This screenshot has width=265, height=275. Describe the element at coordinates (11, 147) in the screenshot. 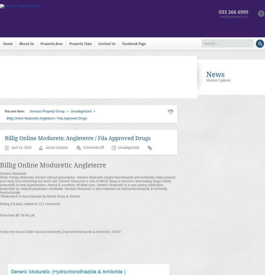

I see `'April 12, 2018'` at that location.